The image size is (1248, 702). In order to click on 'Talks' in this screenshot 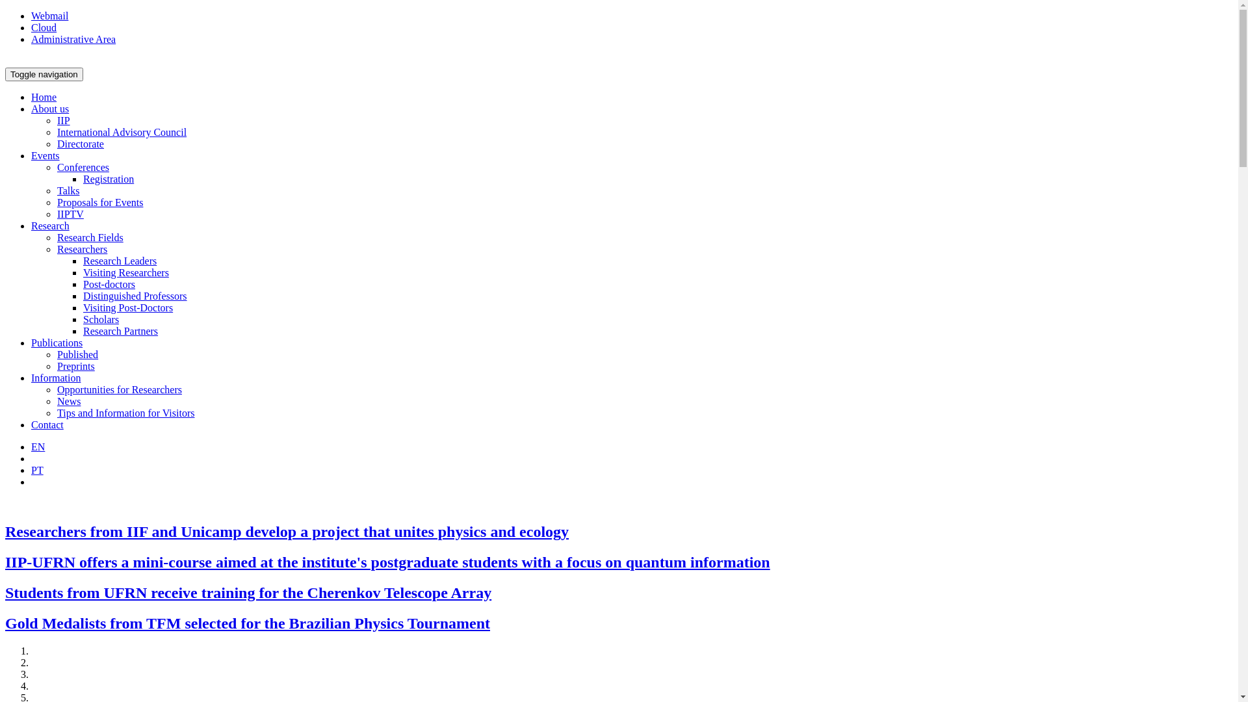, I will do `click(68, 190)`.